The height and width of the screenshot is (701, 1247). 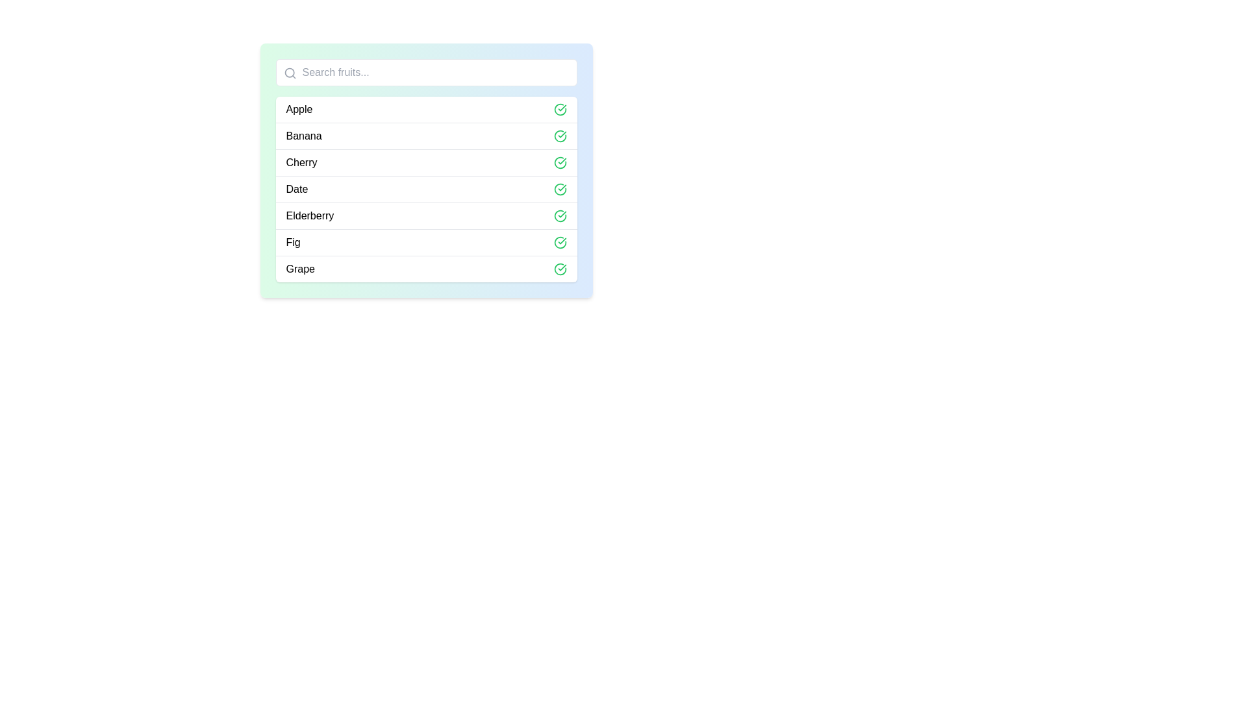 What do you see at coordinates (426, 109) in the screenshot?
I see `the first list item displaying 'Apple' with a green check mark, located under the 'Search fruits...' bar and above 'Banana'` at bounding box center [426, 109].